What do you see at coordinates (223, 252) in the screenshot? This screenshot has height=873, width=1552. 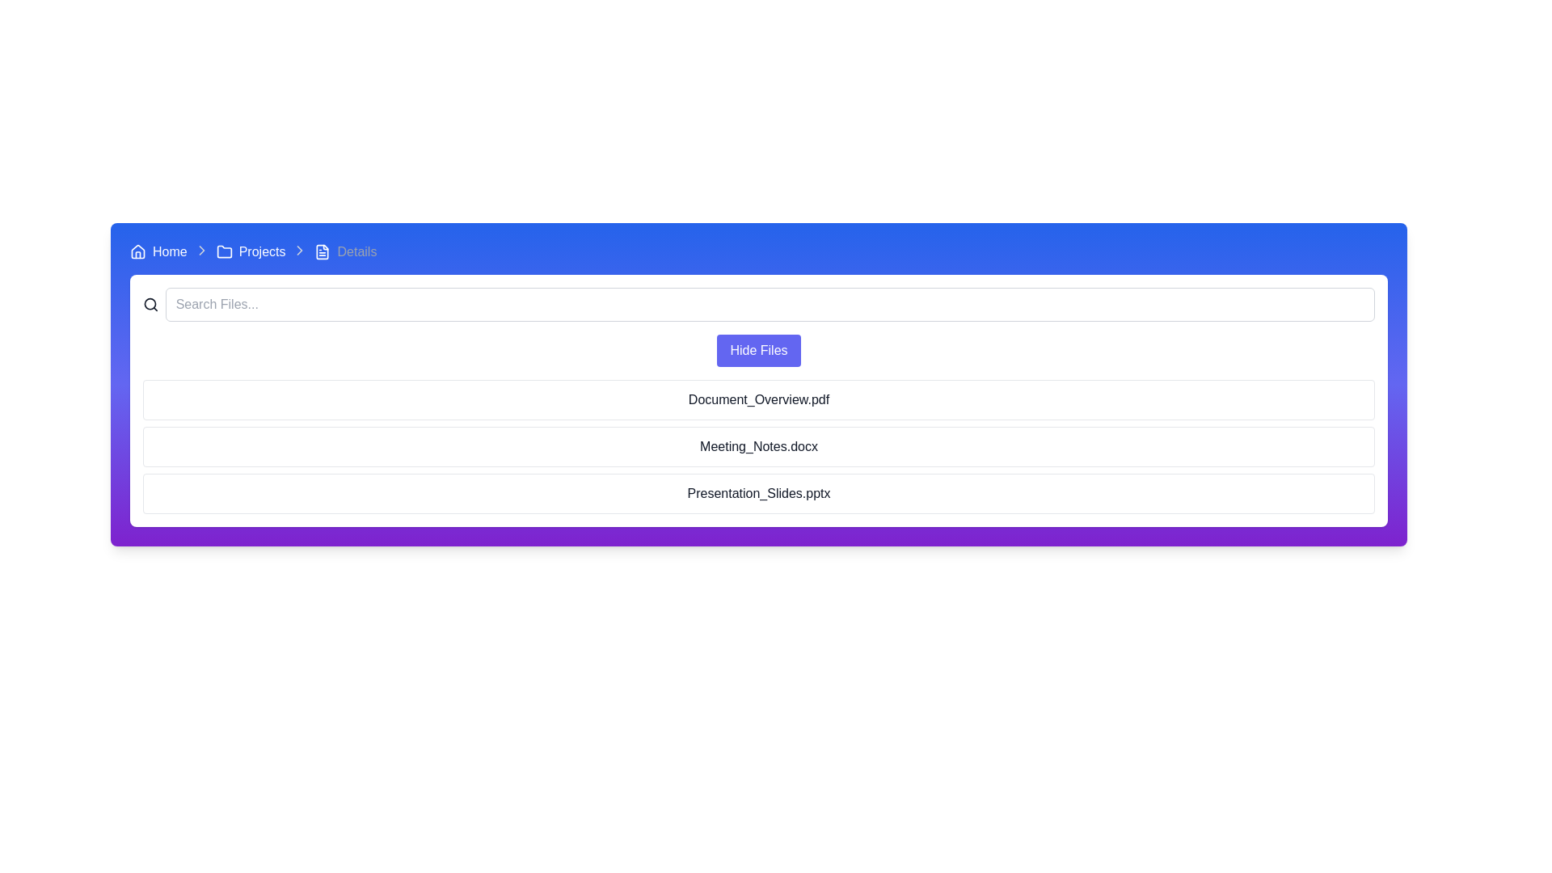 I see `the folder icon SVG graphic located in the breadcrumb navigation bar, which is styled with a stroke outline and positioned directly to the left of the 'Projects' text` at bounding box center [223, 252].